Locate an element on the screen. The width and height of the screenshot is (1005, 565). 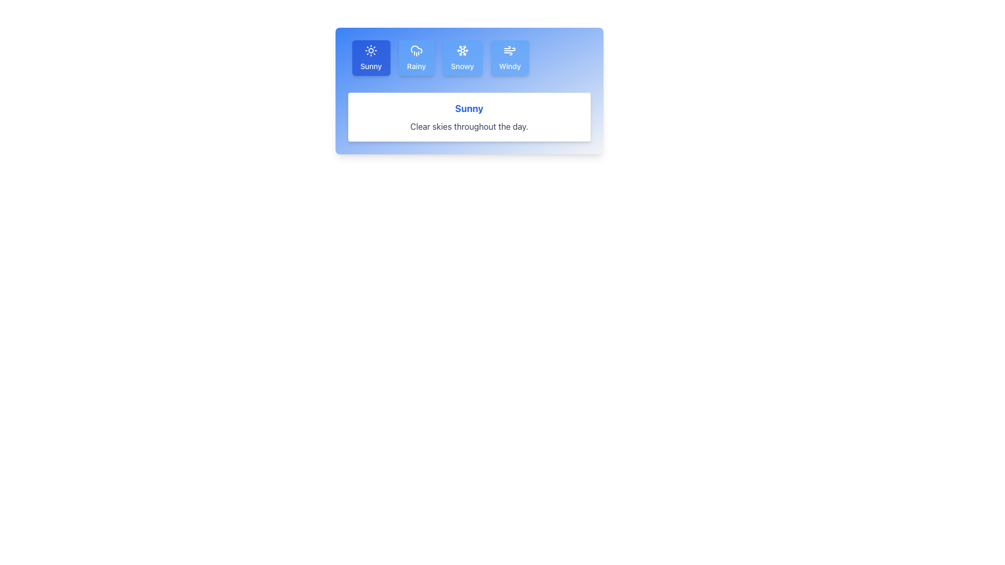
the 'Windy' button is located at coordinates (510, 58).